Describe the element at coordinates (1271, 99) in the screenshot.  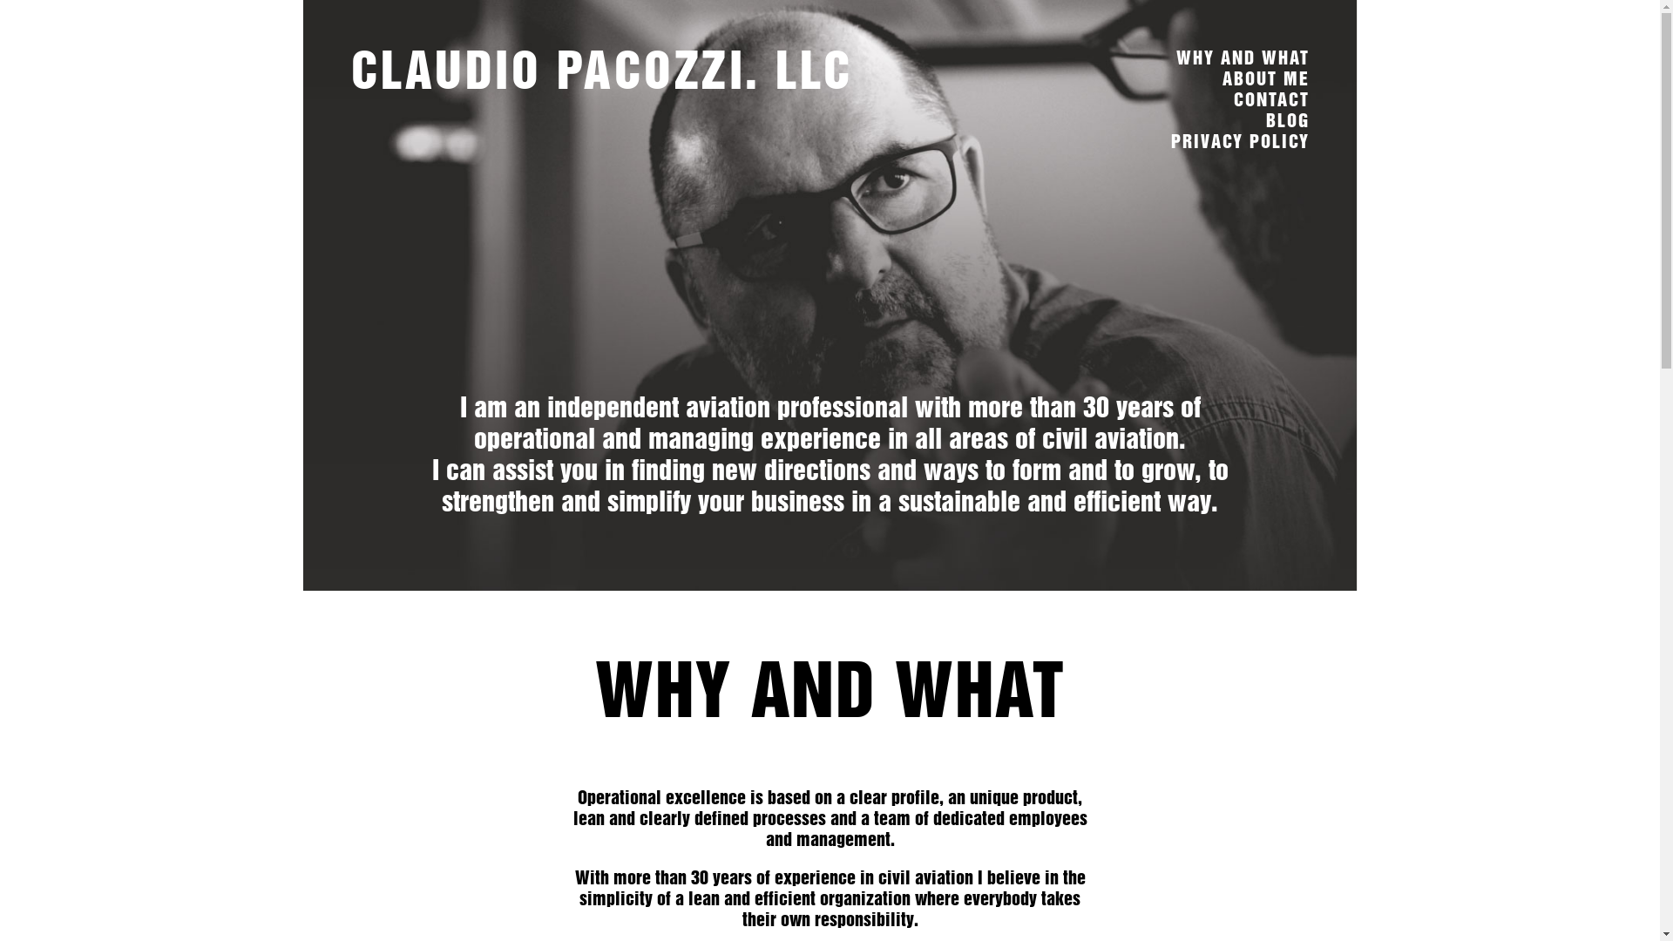
I see `'CONTACT'` at that location.